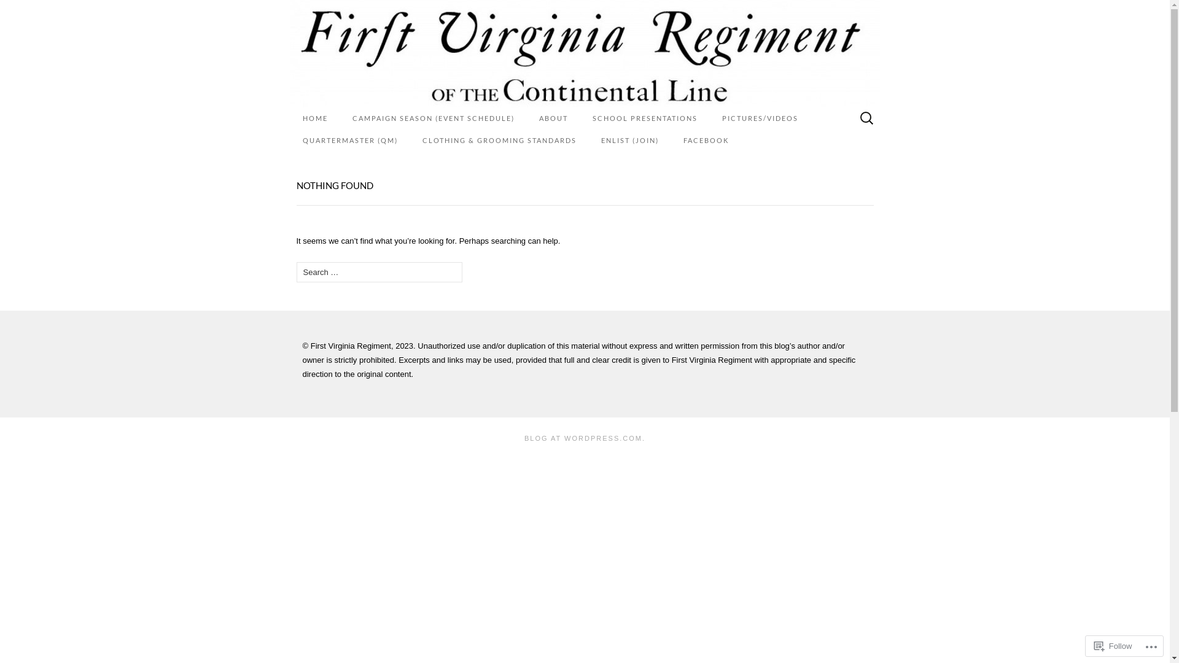 The image size is (1179, 663). Describe the element at coordinates (584, 437) in the screenshot. I see `'BLOG AT WORDPRESS.COM.'` at that location.